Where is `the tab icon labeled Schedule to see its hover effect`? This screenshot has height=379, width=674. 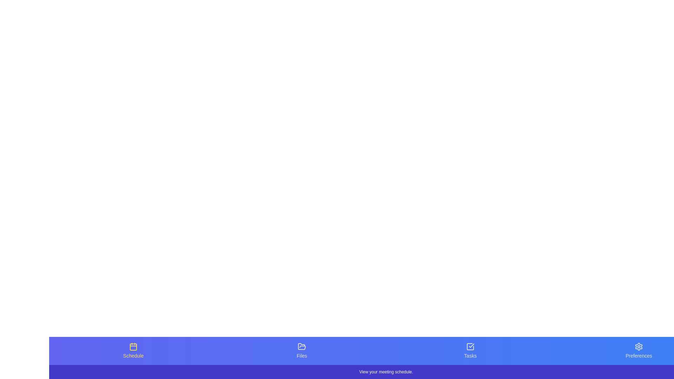 the tab icon labeled Schedule to see its hover effect is located at coordinates (133, 351).